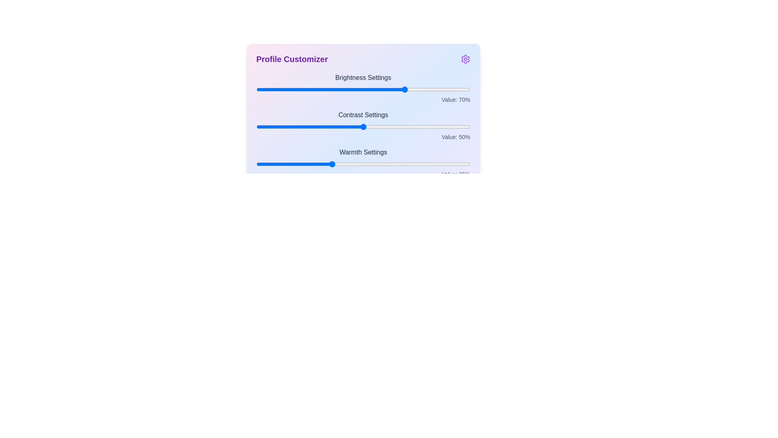 This screenshot has width=778, height=438. Describe the element at coordinates (361, 89) in the screenshot. I see `the 0 slider to 49%` at that location.